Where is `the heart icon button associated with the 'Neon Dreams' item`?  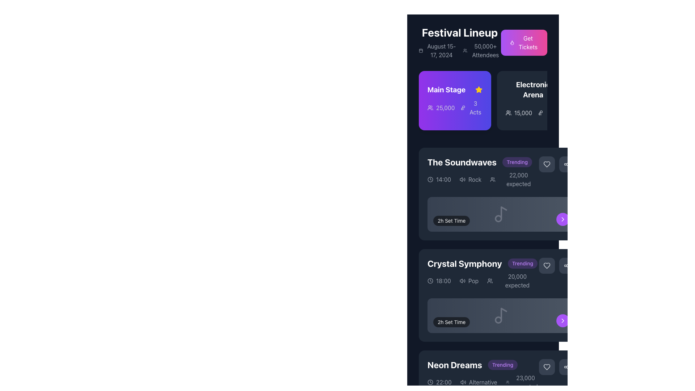 the heart icon button associated with the 'Neon Dreams' item is located at coordinates (547, 367).